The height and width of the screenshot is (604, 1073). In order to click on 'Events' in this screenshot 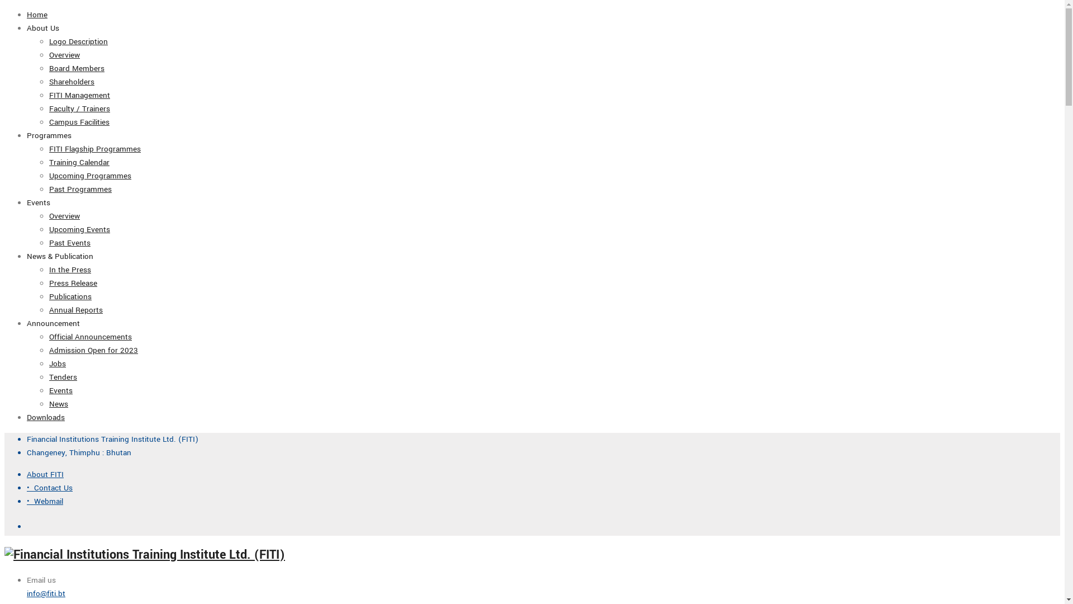, I will do `click(38, 202)`.